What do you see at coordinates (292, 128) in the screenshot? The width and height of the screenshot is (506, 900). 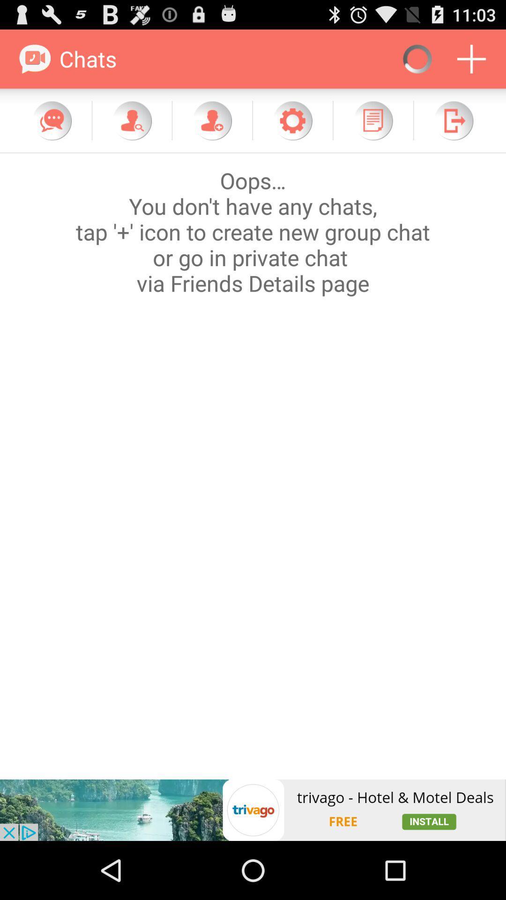 I see `the settings icon` at bounding box center [292, 128].